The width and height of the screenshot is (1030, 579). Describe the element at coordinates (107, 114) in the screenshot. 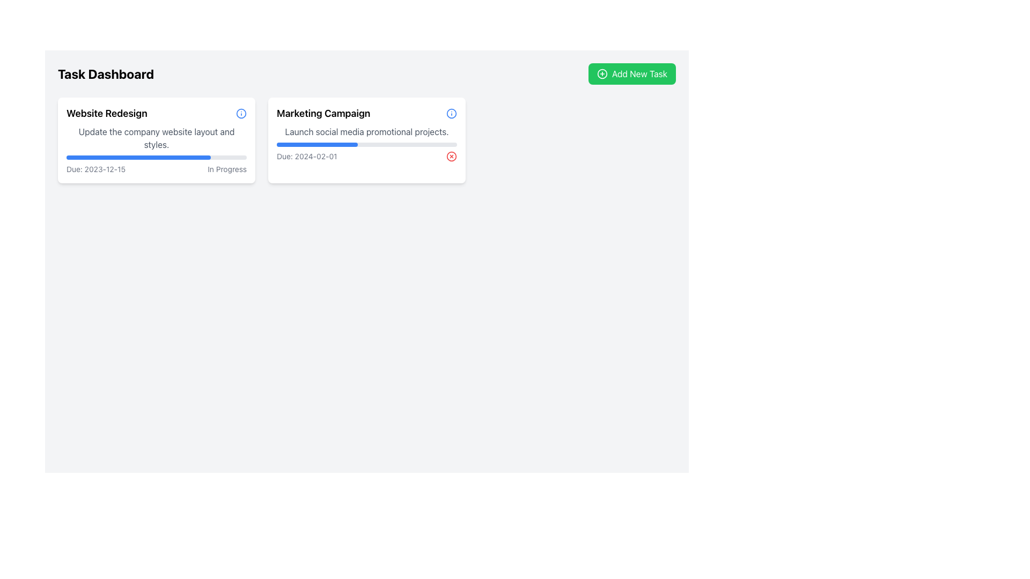

I see `the Text Label at the top-left corner of the task card which identifies the task` at that location.